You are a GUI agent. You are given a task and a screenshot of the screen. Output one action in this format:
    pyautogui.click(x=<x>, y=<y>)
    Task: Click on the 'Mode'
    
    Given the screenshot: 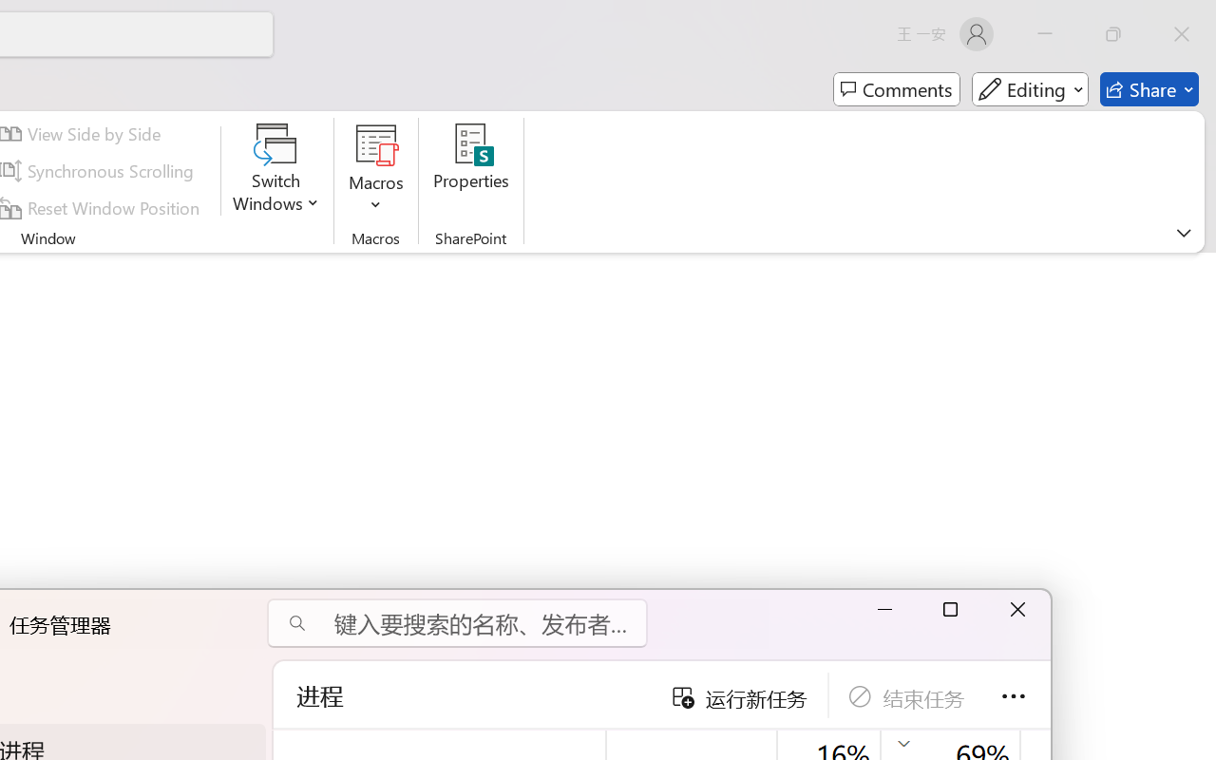 What is the action you would take?
    pyautogui.click(x=1029, y=89)
    